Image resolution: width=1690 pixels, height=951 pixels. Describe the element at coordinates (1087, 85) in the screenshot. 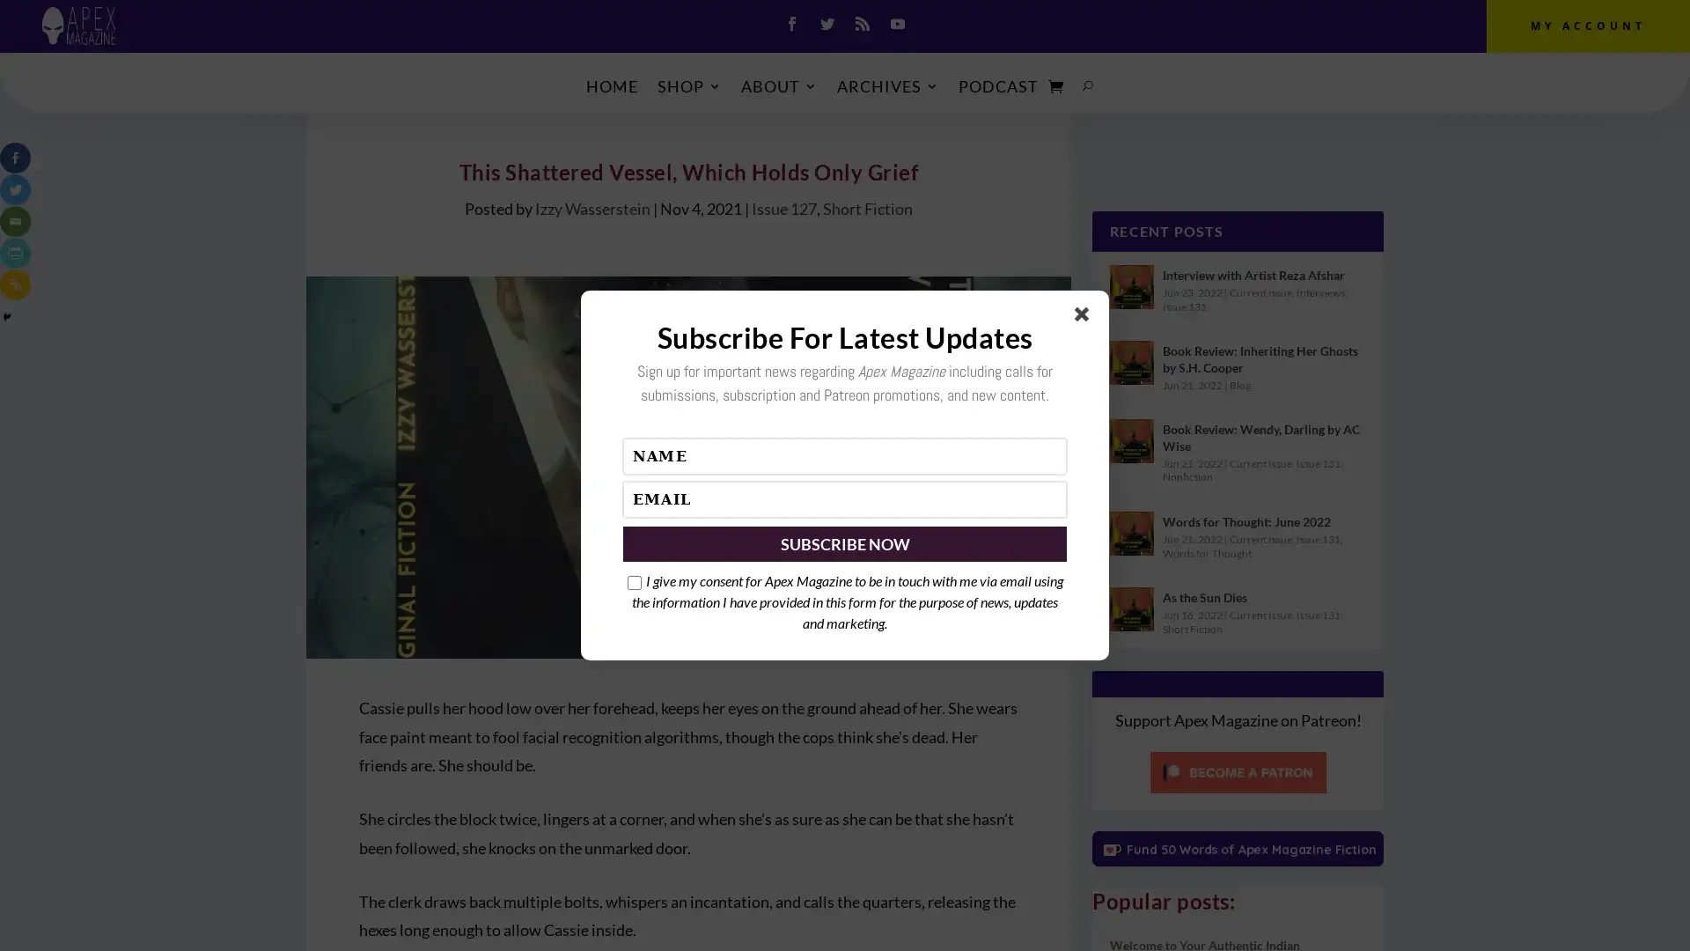

I see `U` at that location.